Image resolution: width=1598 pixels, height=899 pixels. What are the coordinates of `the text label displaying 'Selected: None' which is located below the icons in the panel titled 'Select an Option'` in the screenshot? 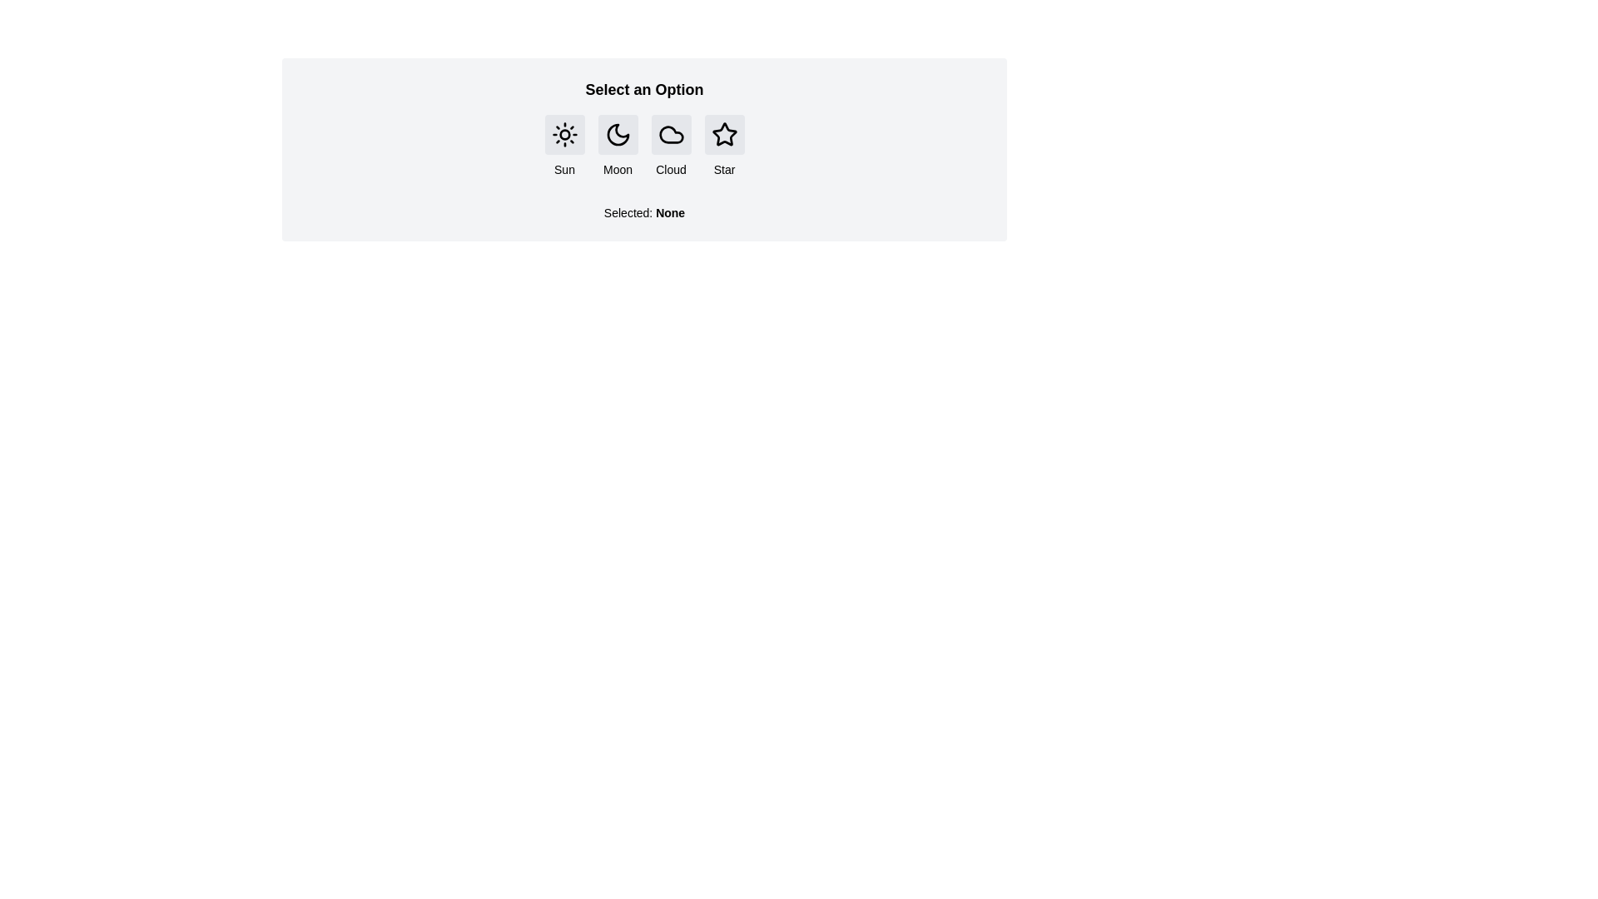 It's located at (643, 205).